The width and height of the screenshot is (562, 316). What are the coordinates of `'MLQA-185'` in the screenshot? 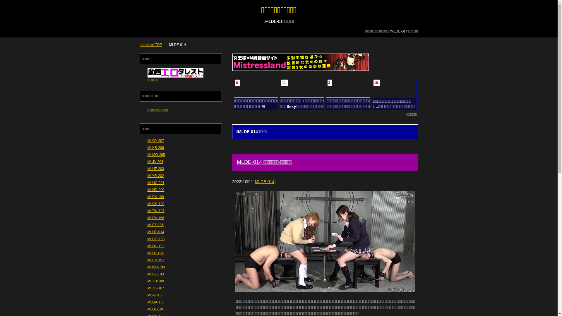 It's located at (156, 302).